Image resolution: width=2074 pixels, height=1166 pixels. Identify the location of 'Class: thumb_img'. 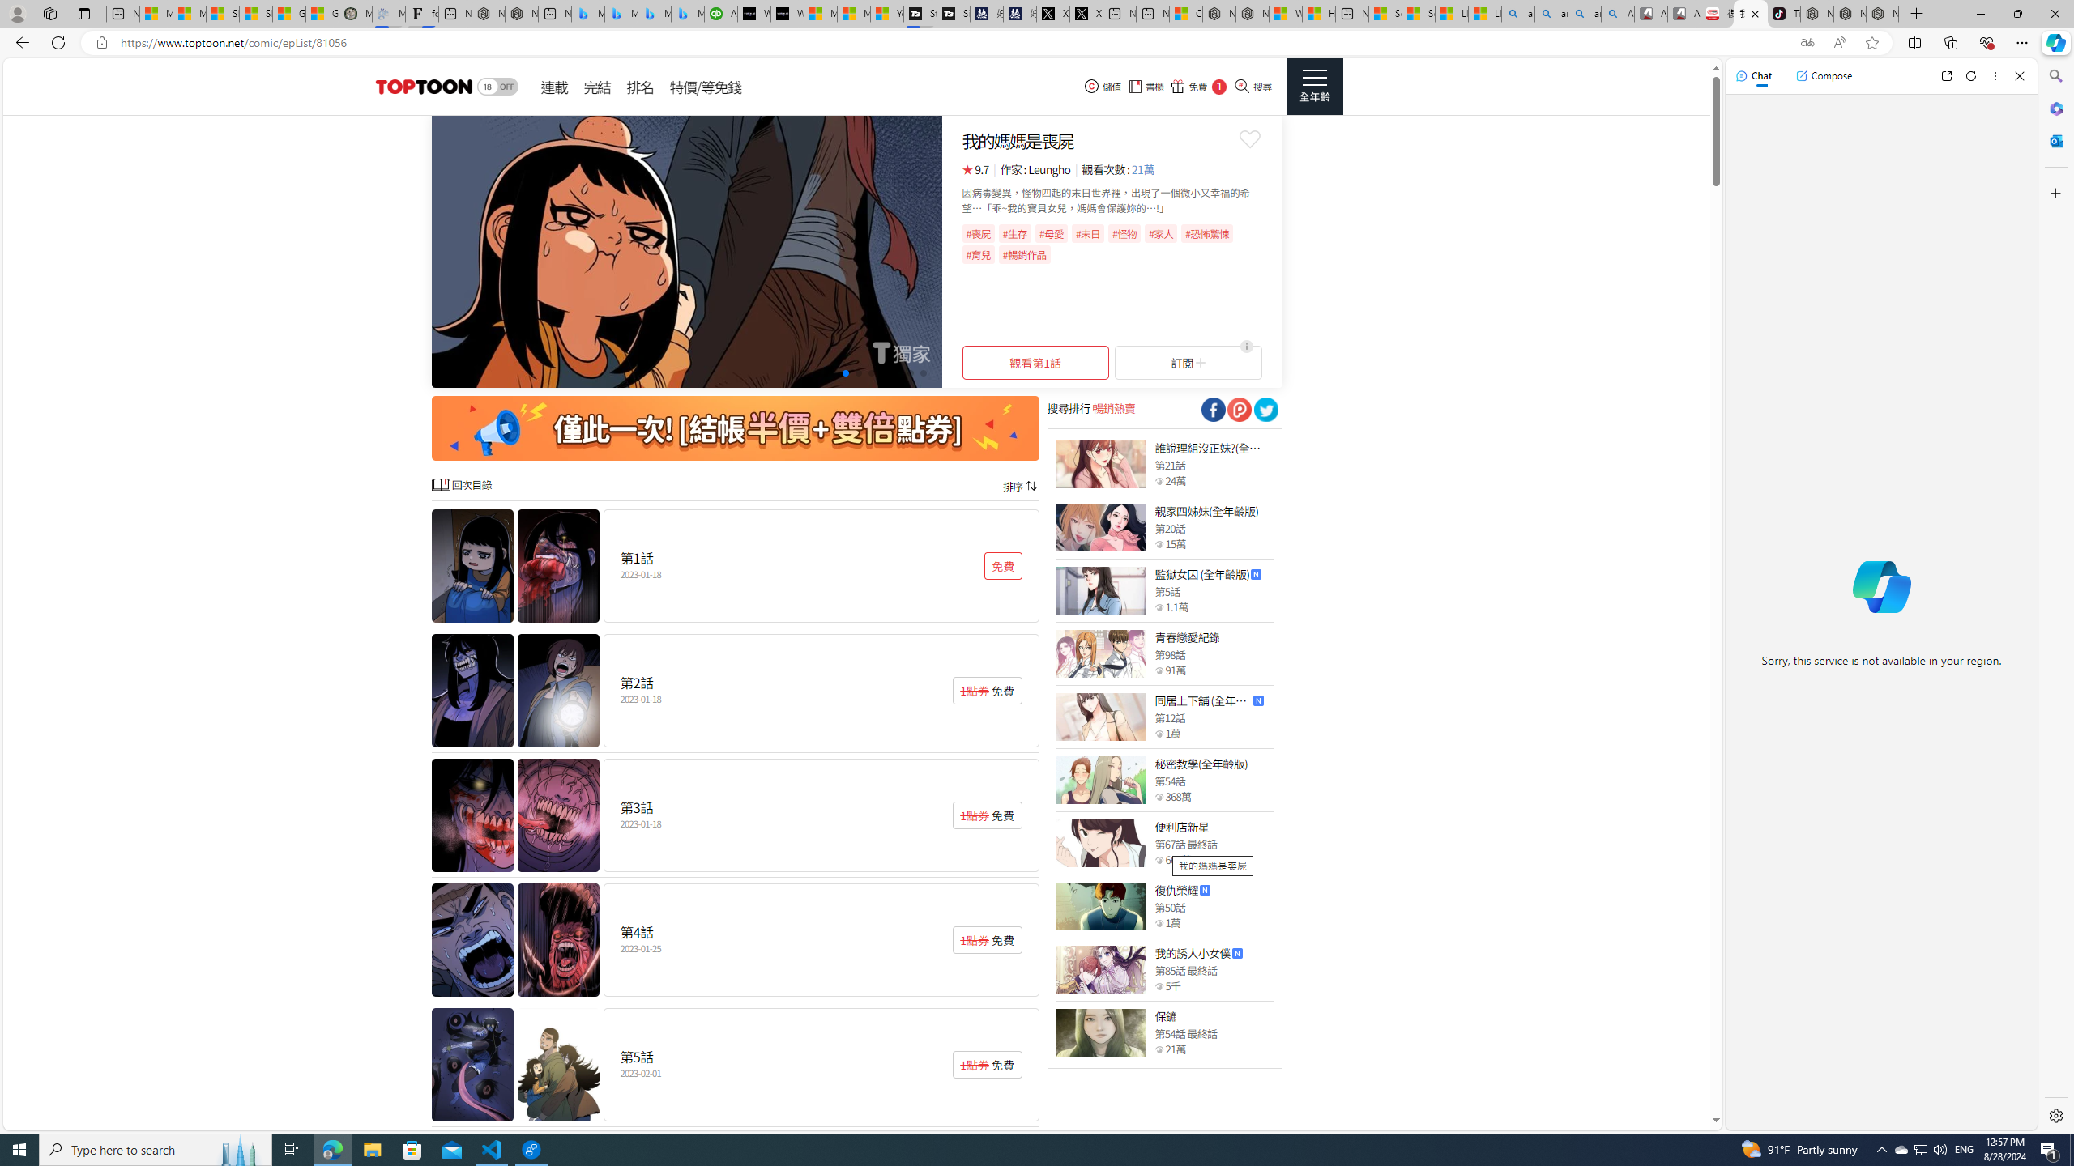
(1099, 1032).